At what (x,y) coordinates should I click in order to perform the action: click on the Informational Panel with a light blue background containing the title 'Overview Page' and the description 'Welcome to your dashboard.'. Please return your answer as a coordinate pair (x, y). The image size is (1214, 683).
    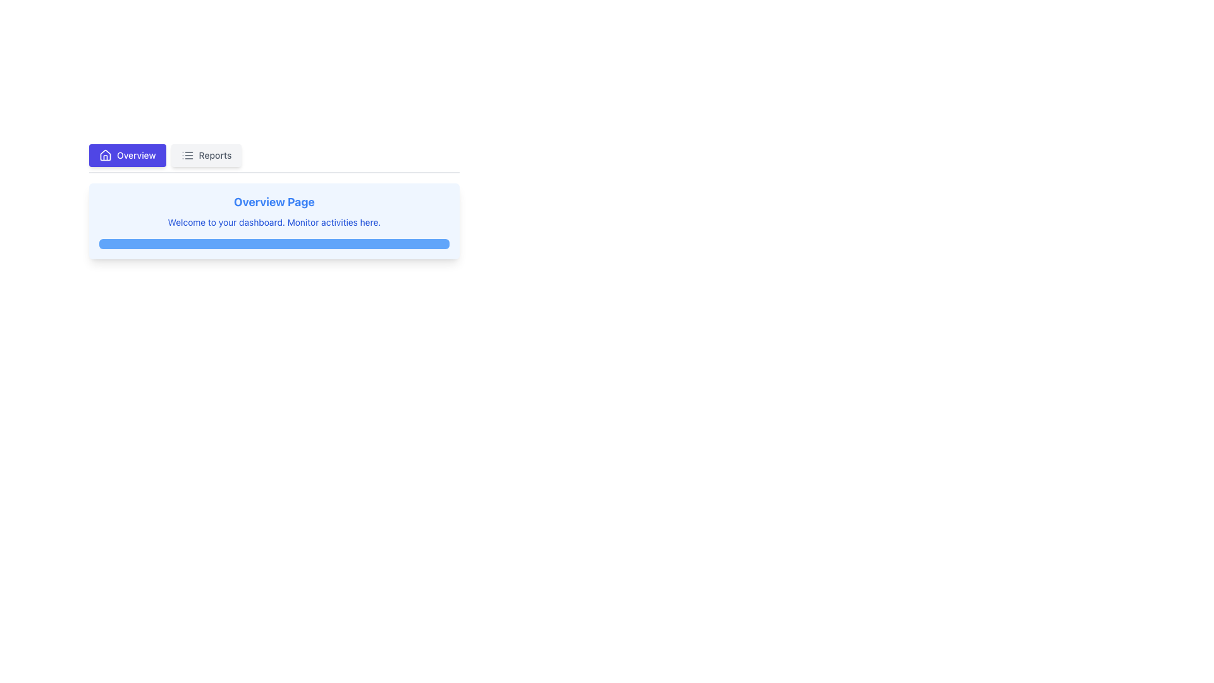
    Looking at the image, I should click on (273, 221).